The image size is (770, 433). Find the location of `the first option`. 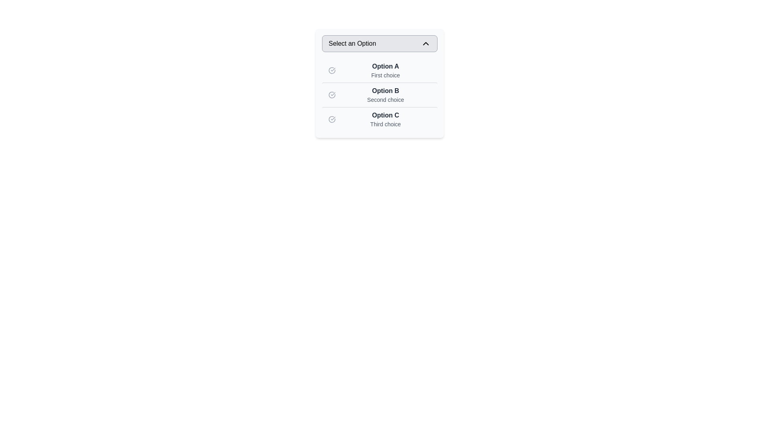

the first option is located at coordinates (385, 66).